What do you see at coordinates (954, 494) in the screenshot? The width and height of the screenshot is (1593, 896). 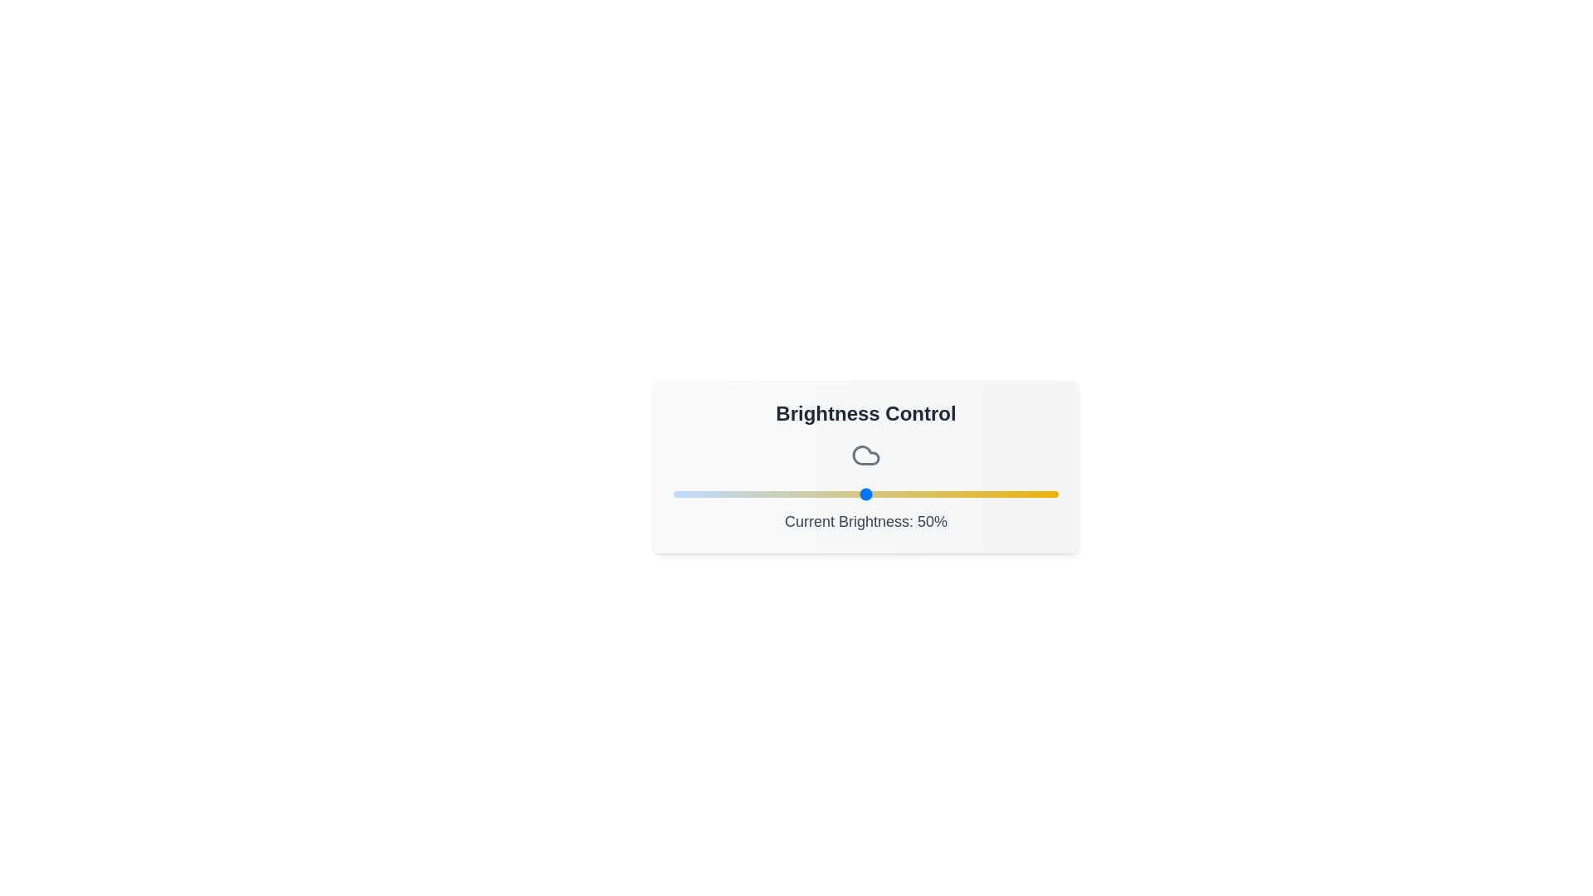 I see `the brightness level to 73% by interacting with the slider` at bounding box center [954, 494].